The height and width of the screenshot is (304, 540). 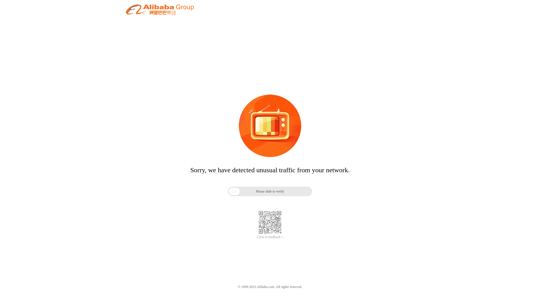 I want to click on 'Click to feedback >', so click(x=270, y=237).